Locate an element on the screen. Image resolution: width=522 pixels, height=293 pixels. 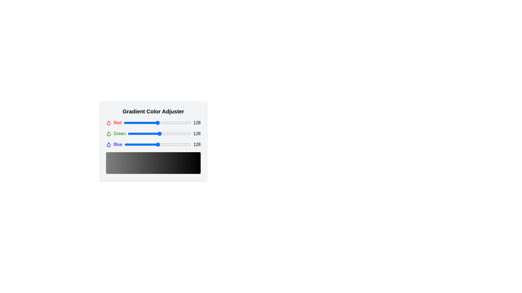
the green slider to 37 is located at coordinates (137, 134).